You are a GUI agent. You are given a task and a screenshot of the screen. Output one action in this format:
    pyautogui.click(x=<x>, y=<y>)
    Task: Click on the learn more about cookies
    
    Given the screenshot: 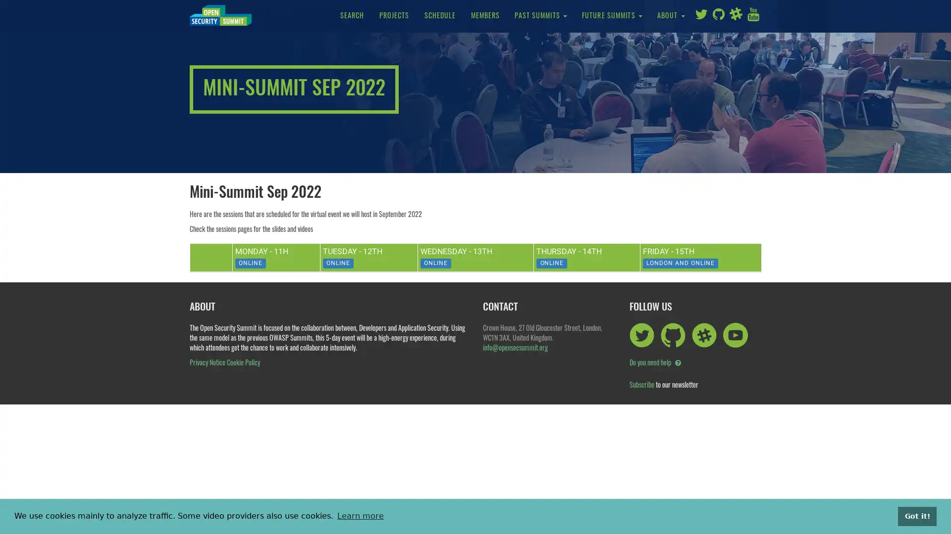 What is the action you would take?
    pyautogui.click(x=360, y=516)
    